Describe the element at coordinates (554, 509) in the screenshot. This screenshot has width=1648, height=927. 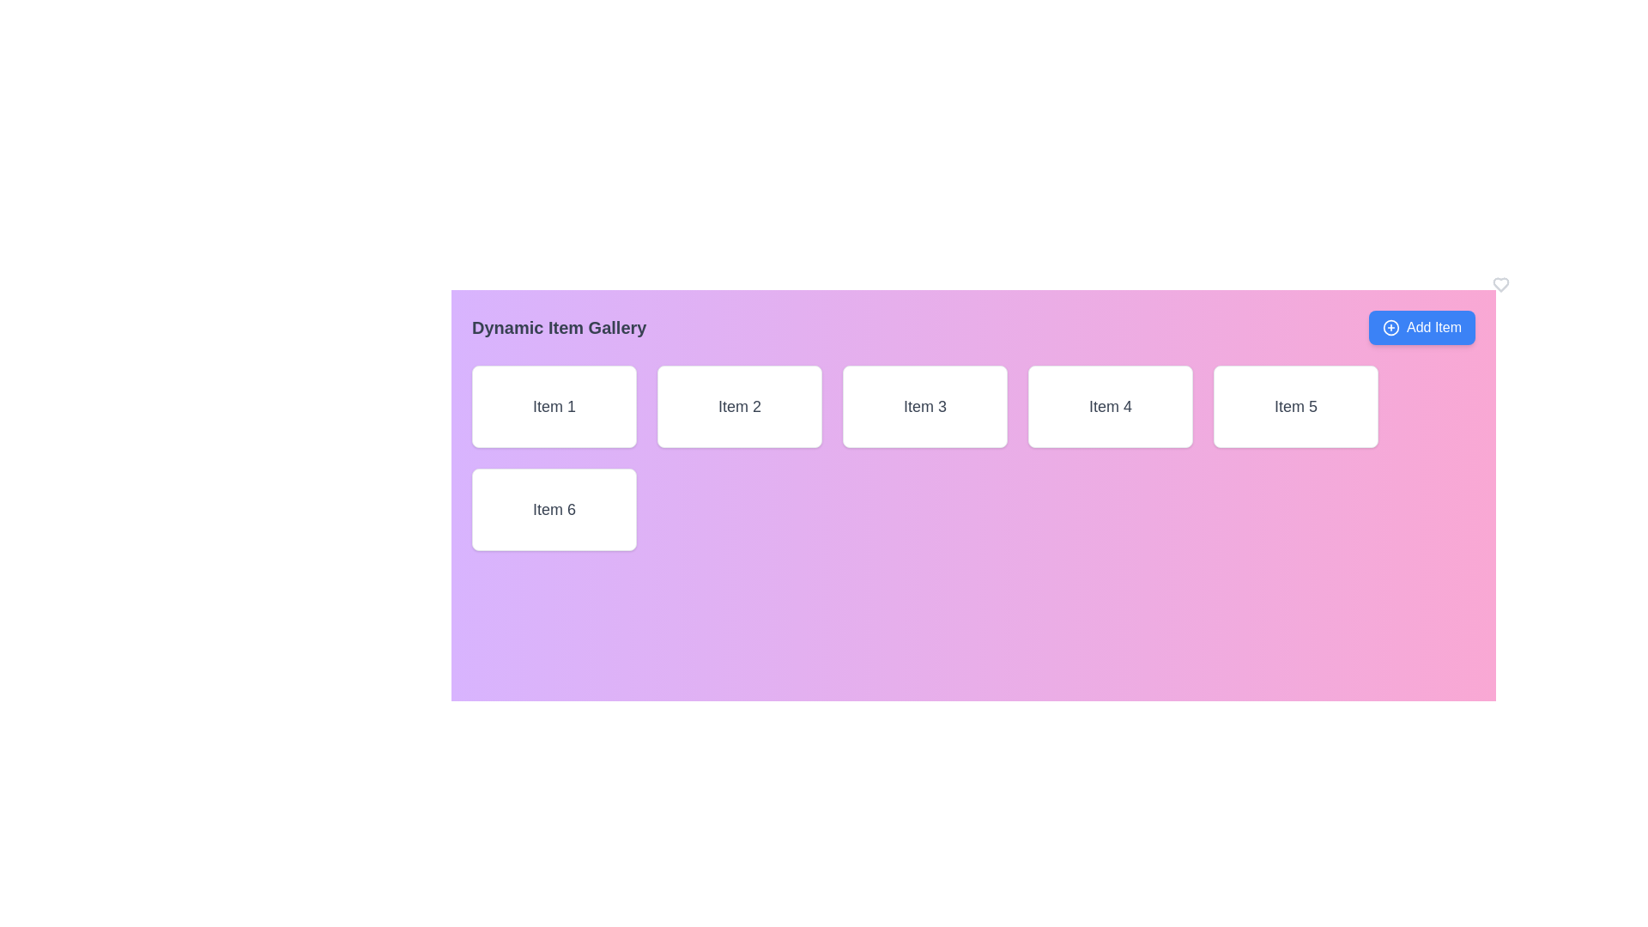
I see `text label 'Item 6' located at the center of the sixth card in a vertically arranged list of cards` at that location.